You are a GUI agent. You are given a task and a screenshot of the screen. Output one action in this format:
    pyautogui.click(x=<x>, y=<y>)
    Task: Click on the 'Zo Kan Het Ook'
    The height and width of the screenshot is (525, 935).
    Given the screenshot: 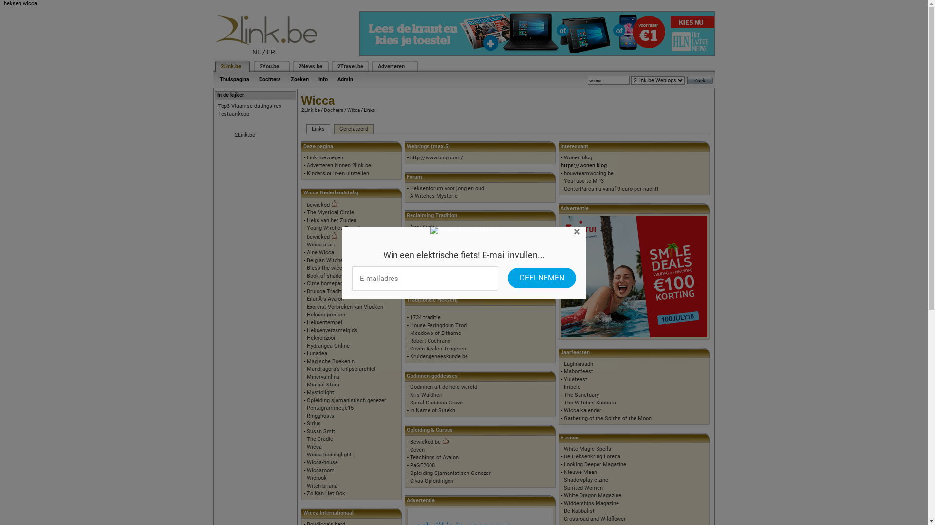 What is the action you would take?
    pyautogui.click(x=326, y=493)
    